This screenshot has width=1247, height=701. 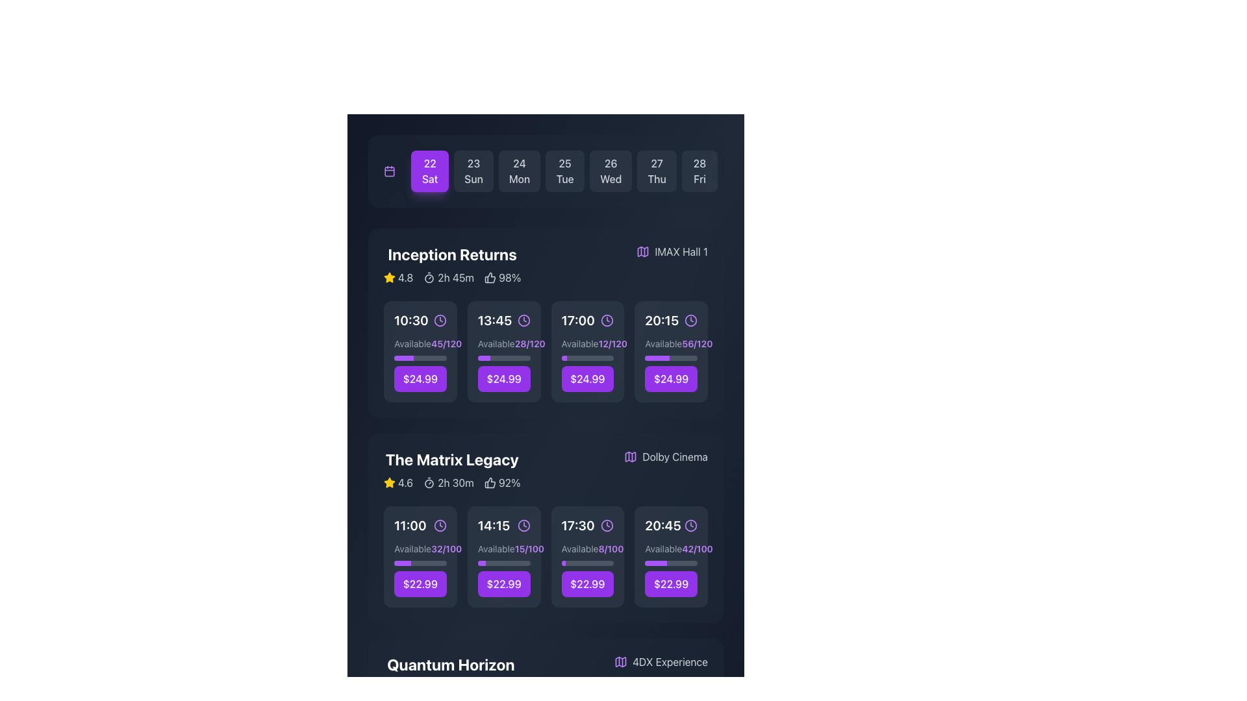 I want to click on the status of the progress bar located under the time '17:00', directly below the text 'Available' and the fraction '12/120', and just above the button displaying the price '$24.99', so click(x=586, y=358).